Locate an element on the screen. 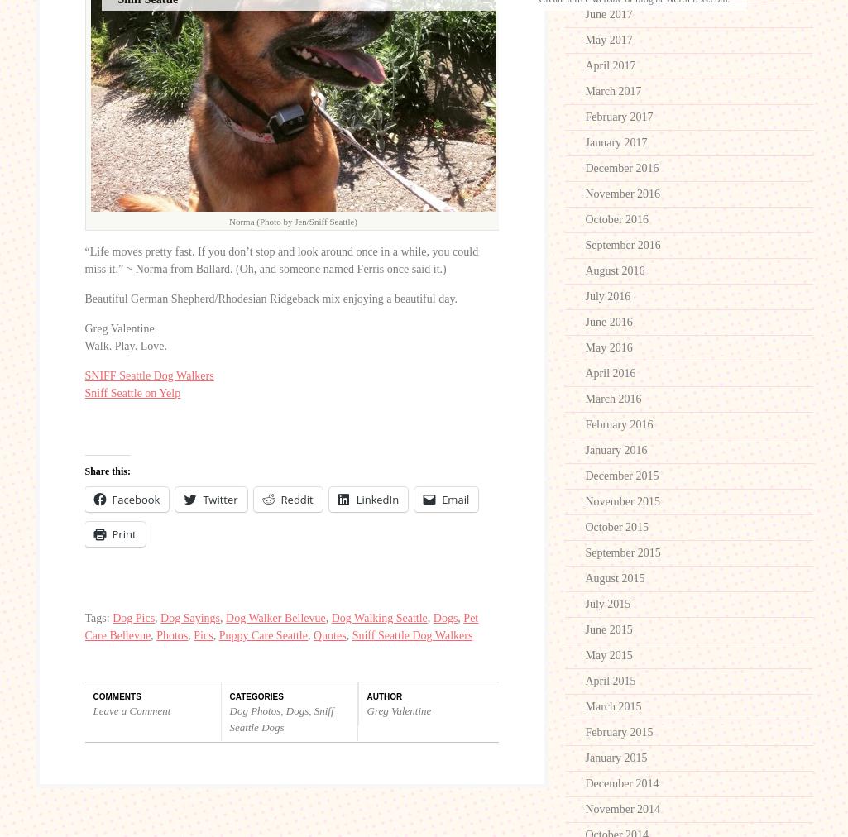 Image resolution: width=848 pixels, height=837 pixels. 'Dog Walking Seattle' is located at coordinates (377, 618).